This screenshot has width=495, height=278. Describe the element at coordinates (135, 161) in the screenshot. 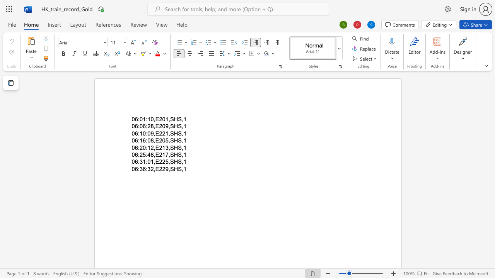

I see `the space between the continuous character "0" and "6" in the text` at that location.